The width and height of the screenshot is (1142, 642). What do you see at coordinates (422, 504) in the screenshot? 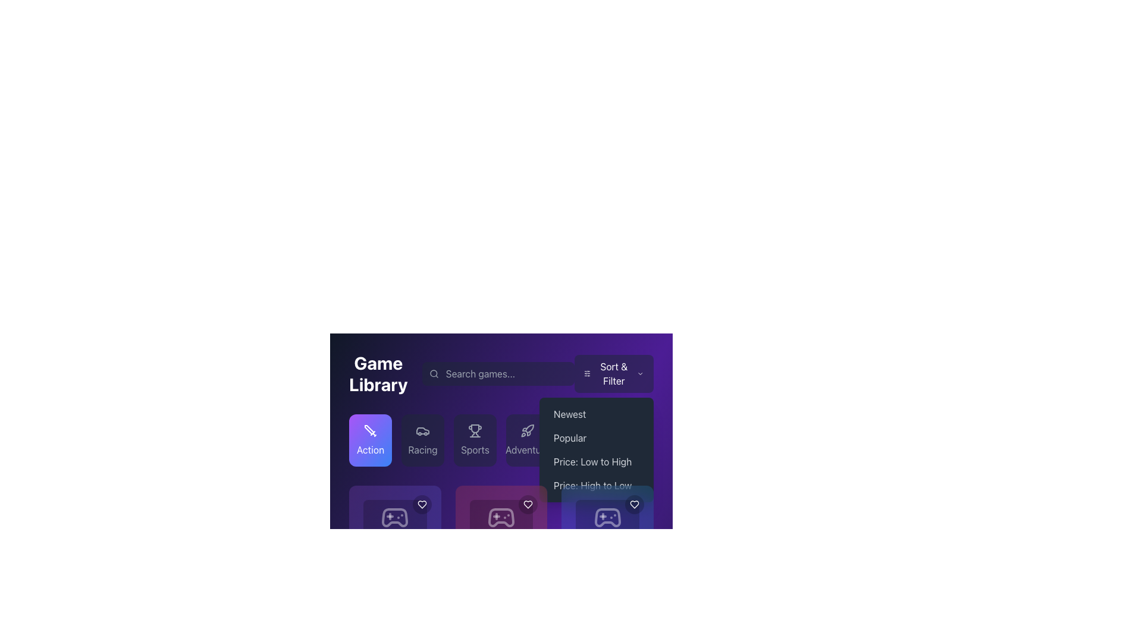
I see `the heart-shaped button icon located at the top-right corner of the game card to mark it as favorite` at bounding box center [422, 504].